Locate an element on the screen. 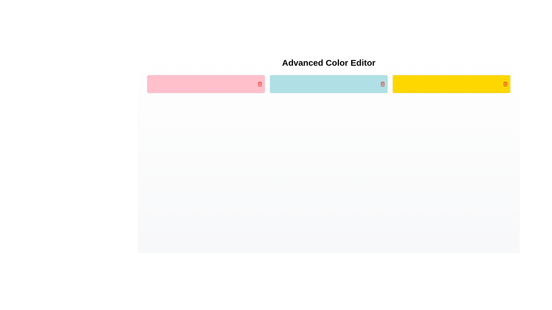  the rightmost trash icon located next to the yellow rectangular region is located at coordinates (505, 84).